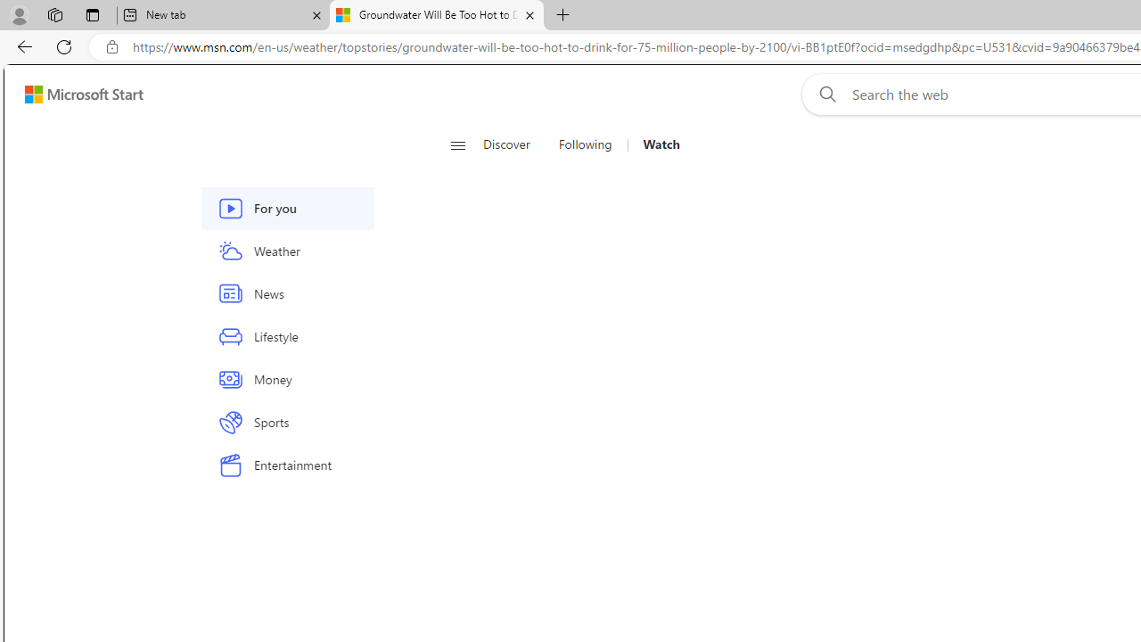  Describe the element at coordinates (77, 94) in the screenshot. I see `'Skip to content'` at that location.